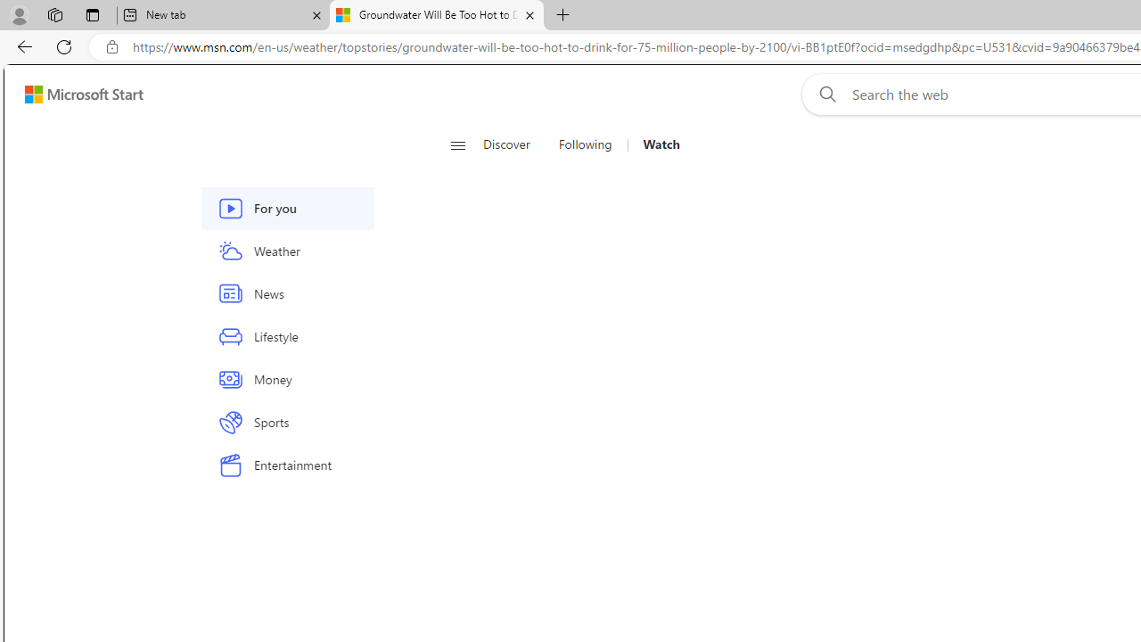  Describe the element at coordinates (77, 94) in the screenshot. I see `'Skip to content'` at that location.